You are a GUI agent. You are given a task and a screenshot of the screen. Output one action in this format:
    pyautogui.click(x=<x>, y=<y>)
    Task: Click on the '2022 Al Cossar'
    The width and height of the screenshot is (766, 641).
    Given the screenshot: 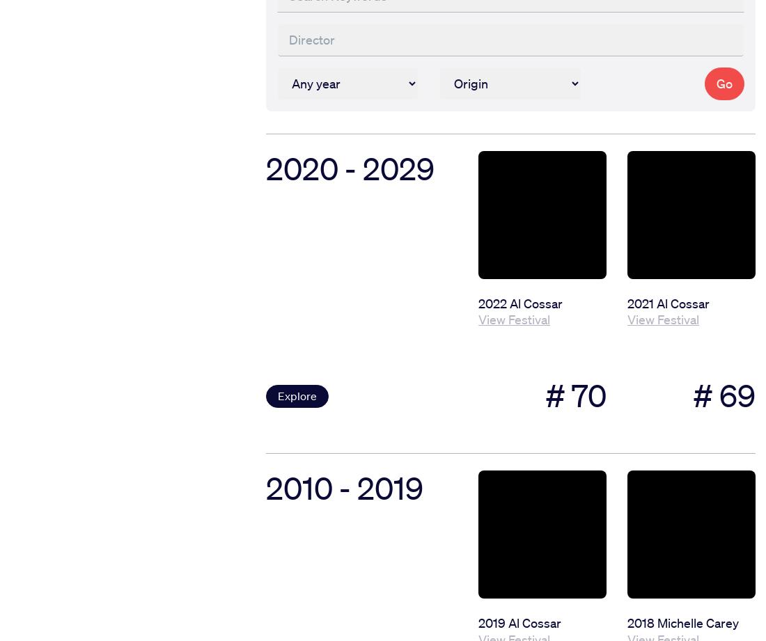 What is the action you would take?
    pyautogui.click(x=519, y=302)
    